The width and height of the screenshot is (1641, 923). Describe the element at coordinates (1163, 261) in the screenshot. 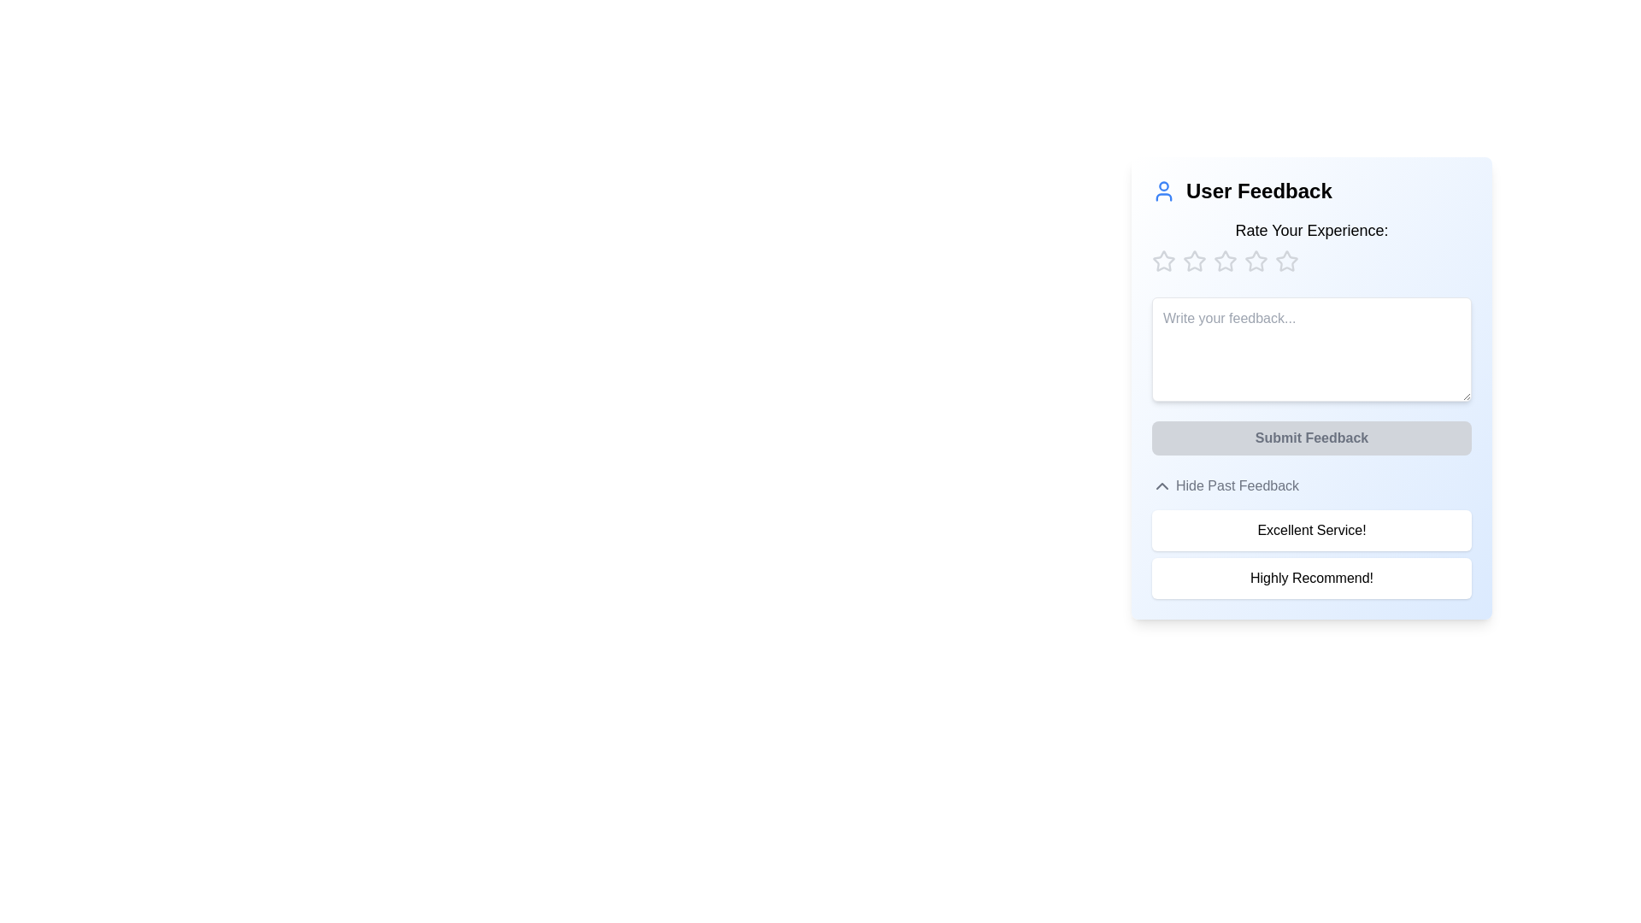

I see `the first star-shaped rating icon, which is outlined in gray, located in the 'User Feedback' section below the 'Rate Your Experience' label` at that location.